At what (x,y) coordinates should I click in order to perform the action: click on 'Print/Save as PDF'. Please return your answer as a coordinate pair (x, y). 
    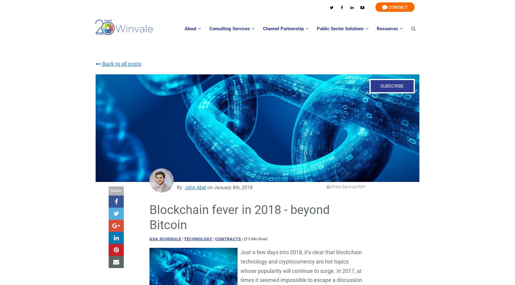
    Looking at the image, I should click on (348, 186).